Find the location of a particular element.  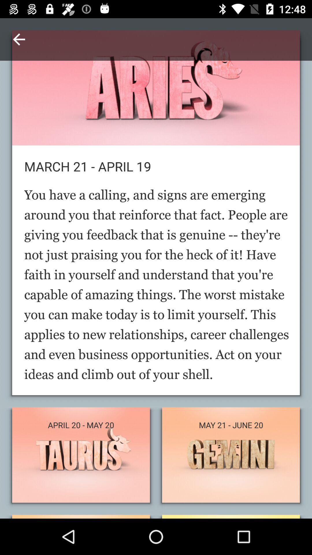

the icon at the top left corner is located at coordinates (18, 39).